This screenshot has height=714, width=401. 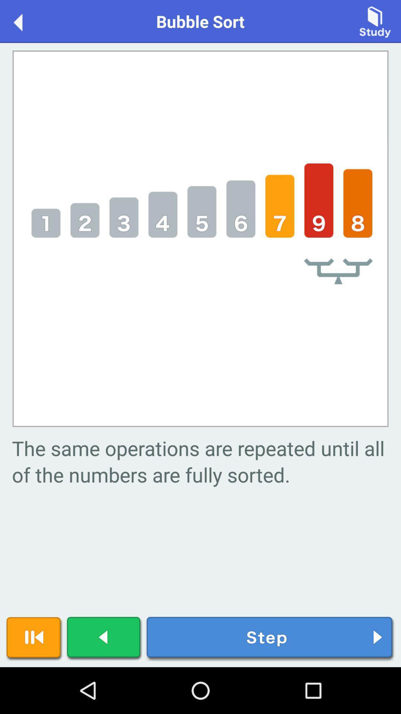 I want to click on go back, so click(x=104, y=638).